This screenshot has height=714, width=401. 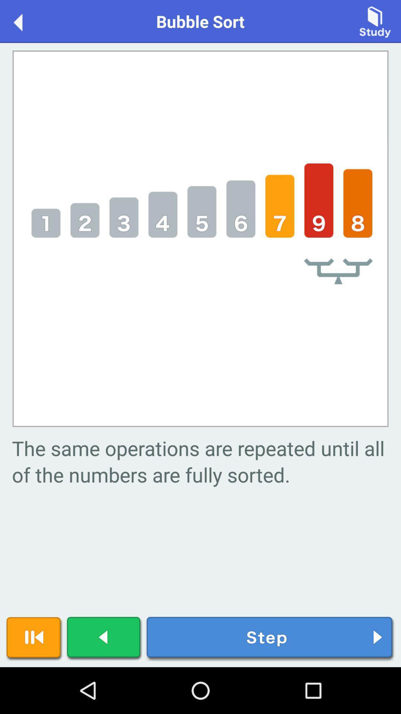 I want to click on go back, so click(x=104, y=638).